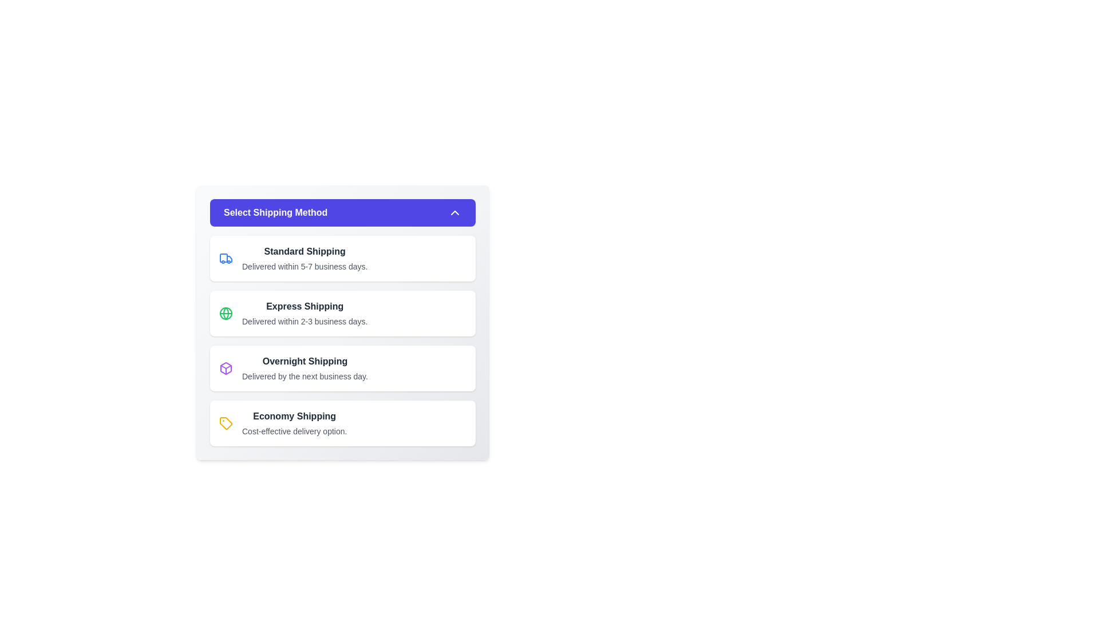  I want to click on the first option for standard shipping method located below the 'Select Shipping Method' header, so click(305, 258).